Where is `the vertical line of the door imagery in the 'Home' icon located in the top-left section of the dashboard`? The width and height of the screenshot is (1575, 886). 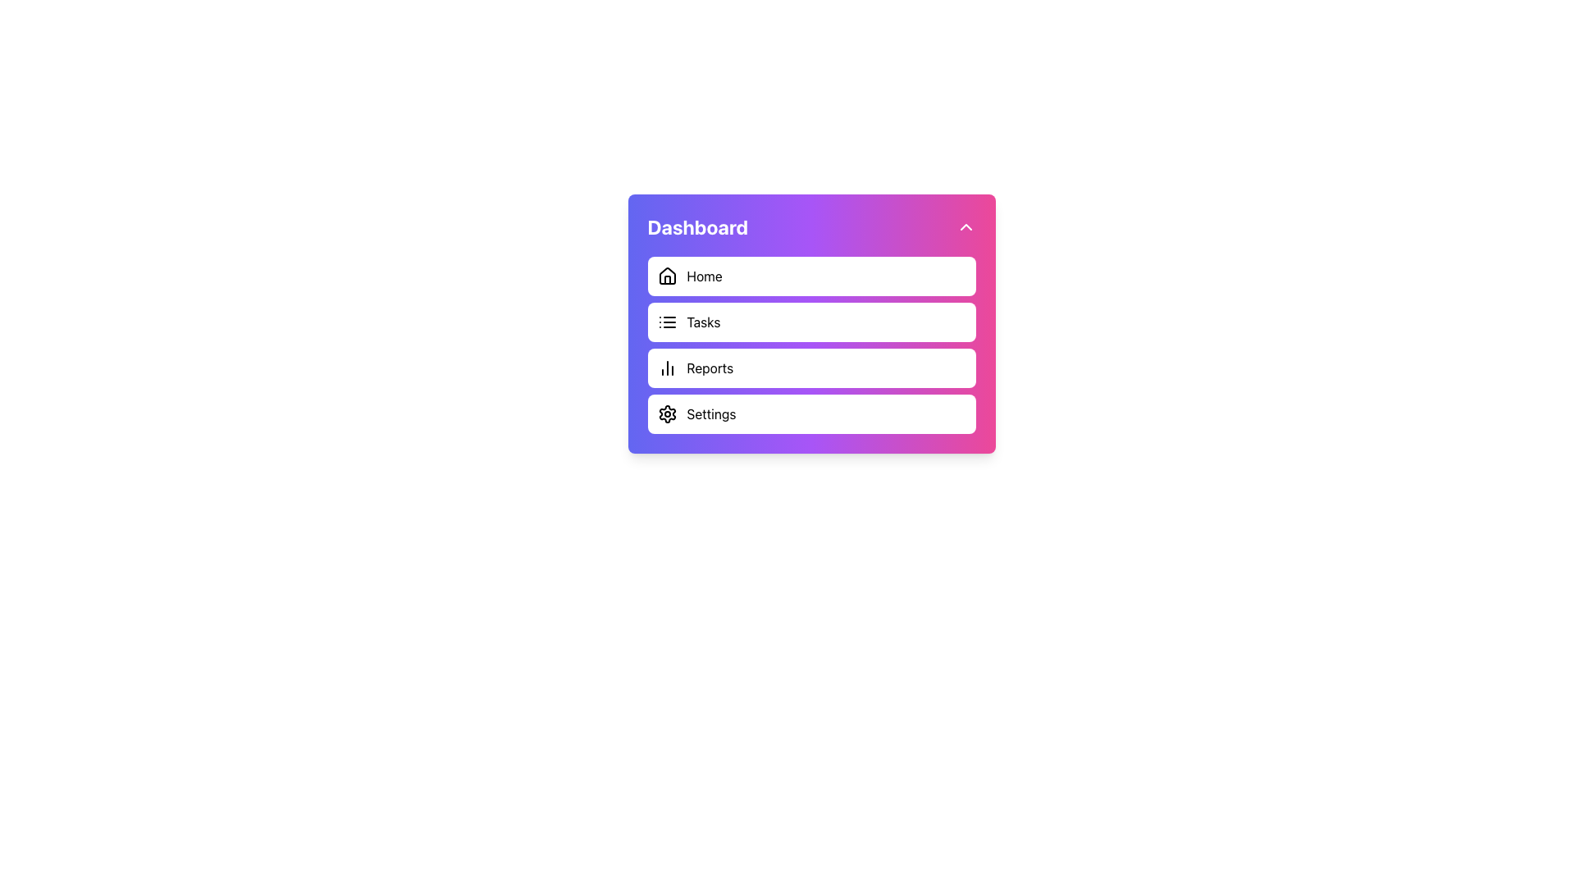 the vertical line of the door imagery in the 'Home' icon located in the top-left section of the dashboard is located at coordinates (667, 279).